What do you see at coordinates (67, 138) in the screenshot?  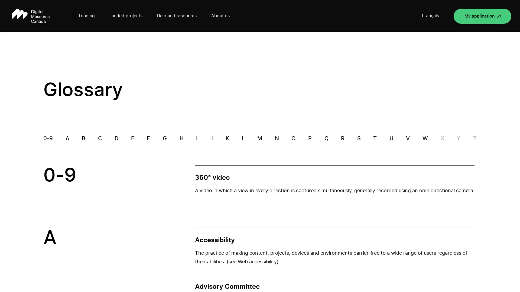 I see `A` at bounding box center [67, 138].